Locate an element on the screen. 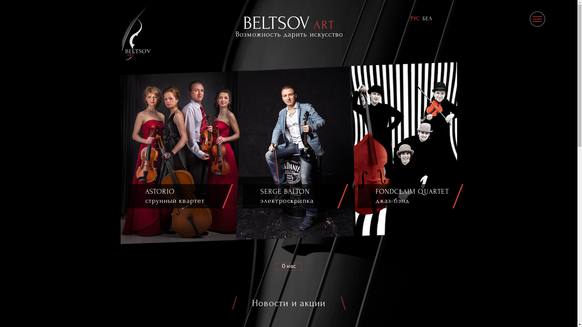 This screenshot has height=327, width=582. 'Beltsovart.by' is located at coordinates (137, 33).